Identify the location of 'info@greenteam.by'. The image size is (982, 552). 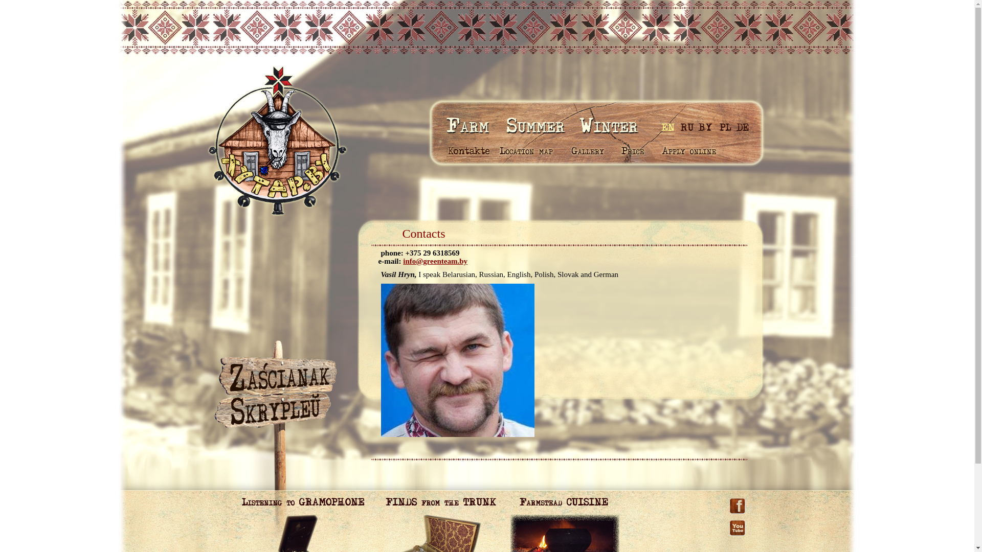
(435, 260).